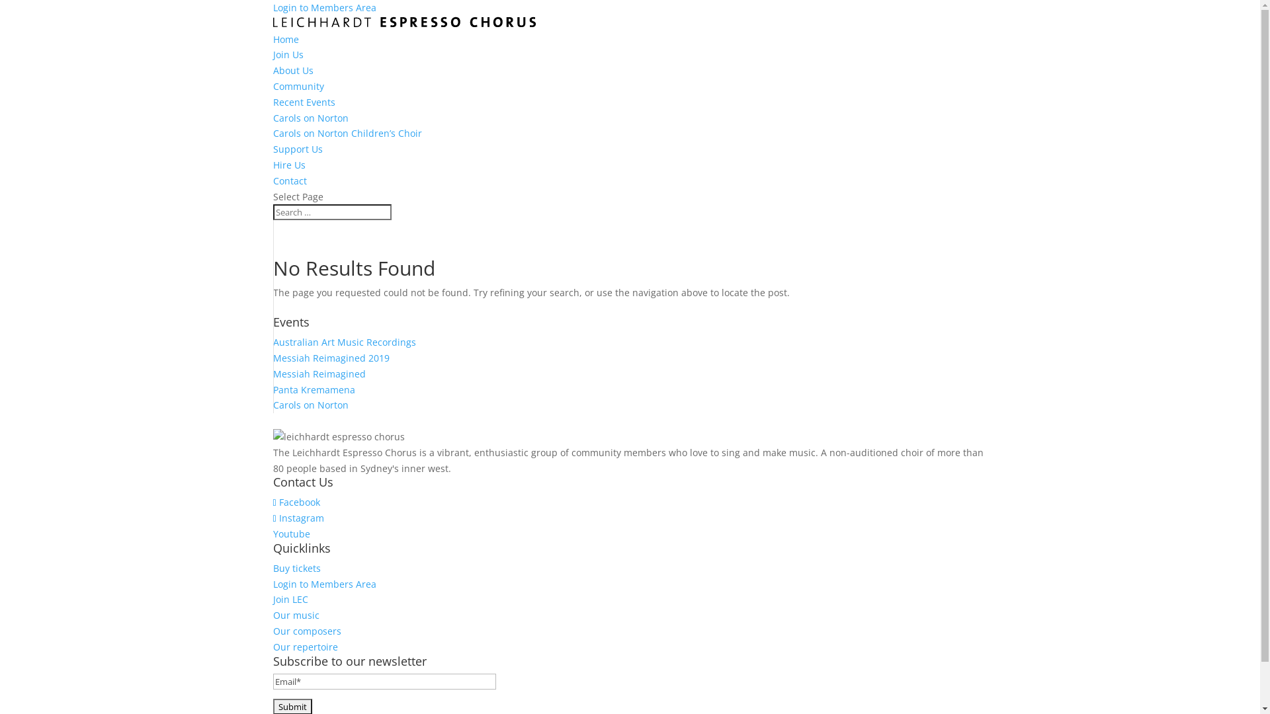 This screenshot has height=714, width=1270. Describe the element at coordinates (294, 615) in the screenshot. I see `'Our music'` at that location.